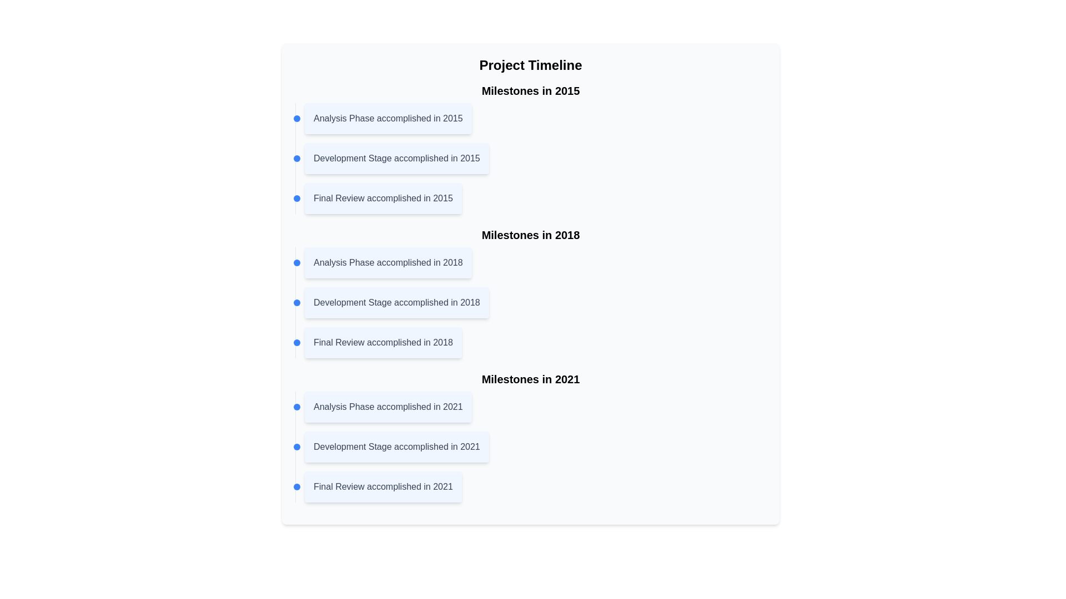 This screenshot has height=599, width=1066. What do you see at coordinates (530, 65) in the screenshot?
I see `header text element located at the top of the centered rectangular section with a light gray background and rounded corners, which introduces the theme or content of the section` at bounding box center [530, 65].